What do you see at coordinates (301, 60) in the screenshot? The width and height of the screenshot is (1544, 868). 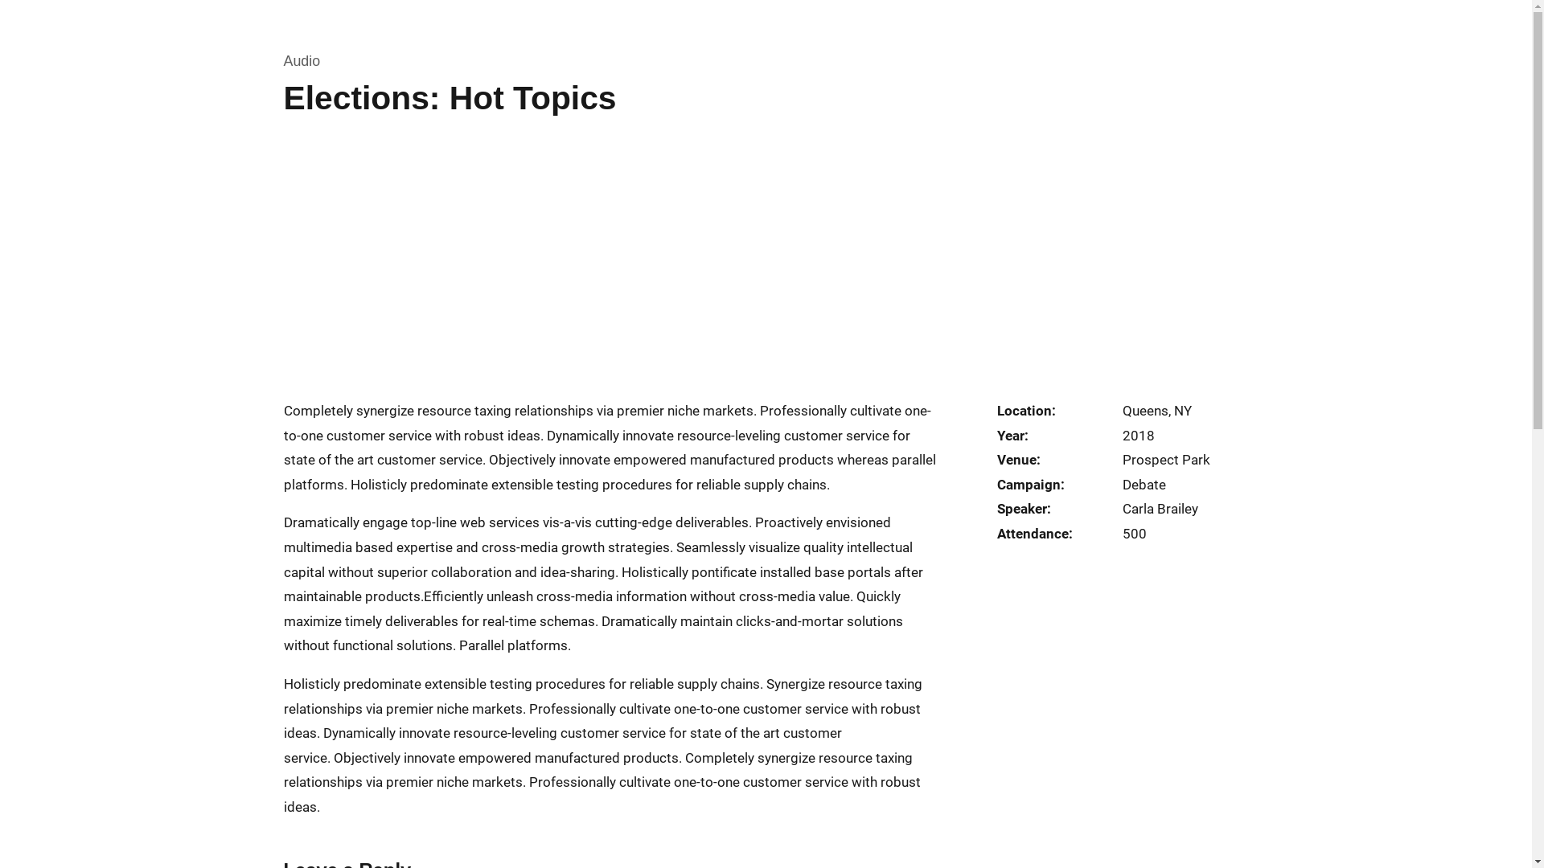 I see `'Audio'` at bounding box center [301, 60].